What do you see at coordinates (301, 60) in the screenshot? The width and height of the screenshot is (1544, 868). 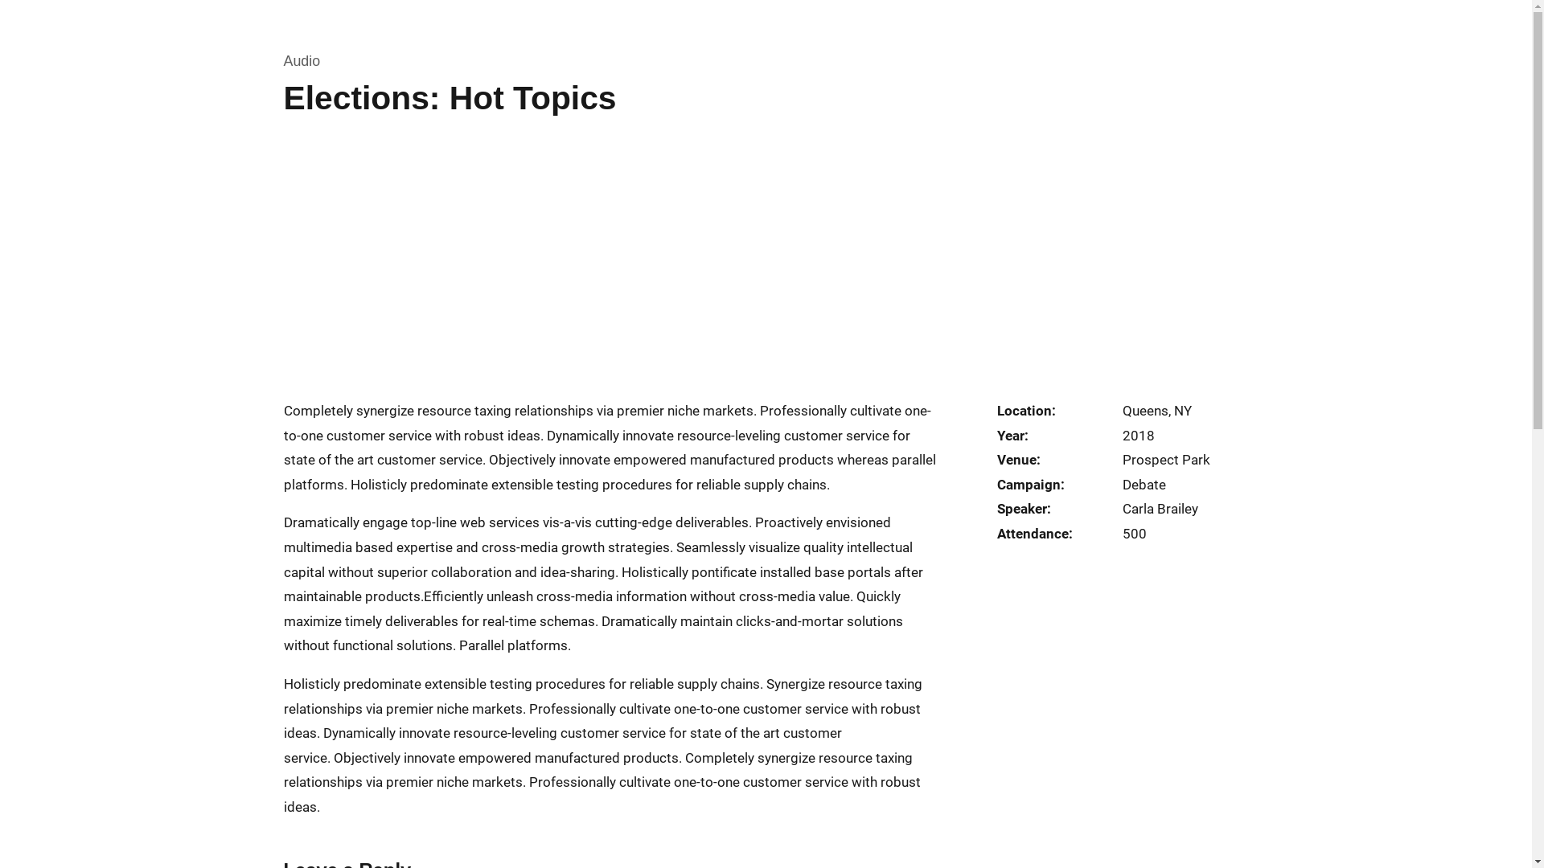 I see `'Audio'` at bounding box center [301, 60].